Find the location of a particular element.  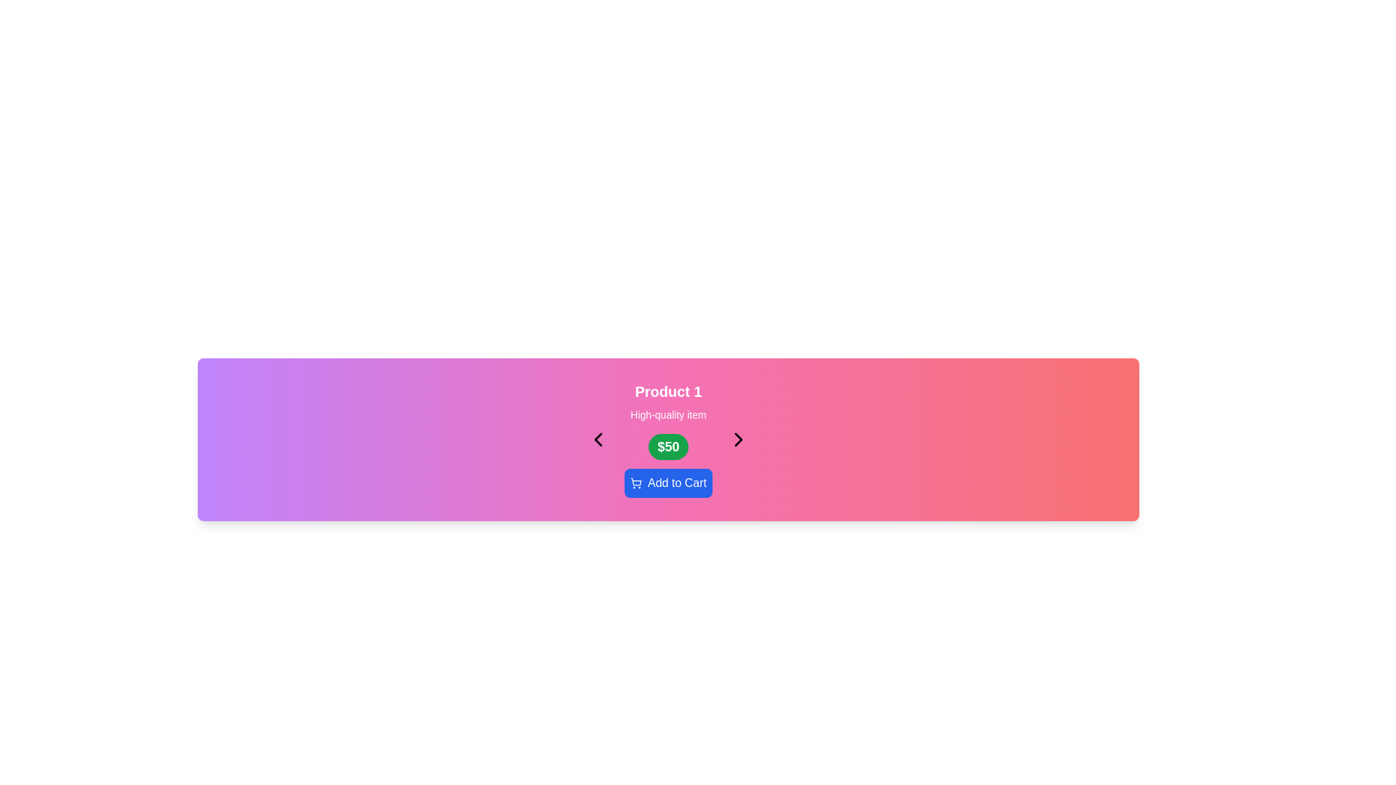

the left-pointing arrow icon button styled as an SVG, located in the navigation control cluster, to enable keyboard interaction is located at coordinates (598, 439).